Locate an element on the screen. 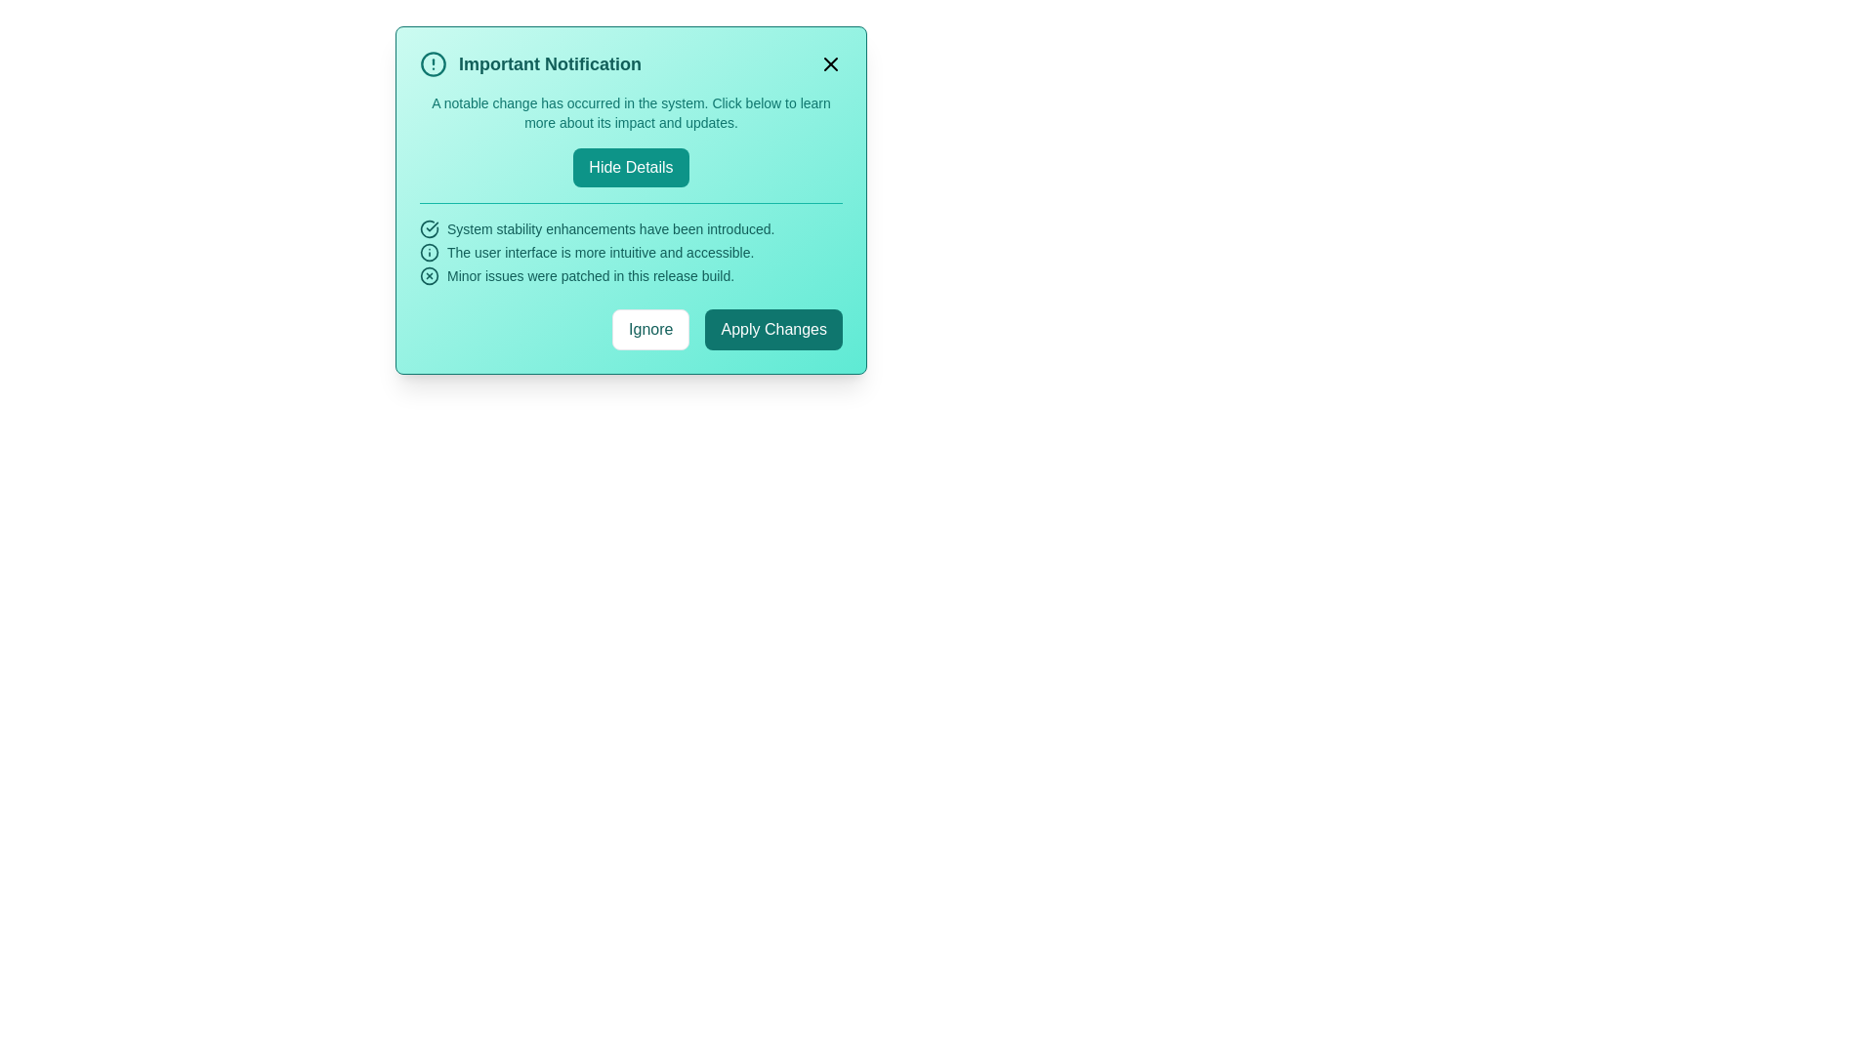 The image size is (1875, 1054). Notification header, which features a circular teal alert icon followed by bold text stating 'Important Notification', located at the top-left corner of a centered modal dialog box is located at coordinates (530, 62).